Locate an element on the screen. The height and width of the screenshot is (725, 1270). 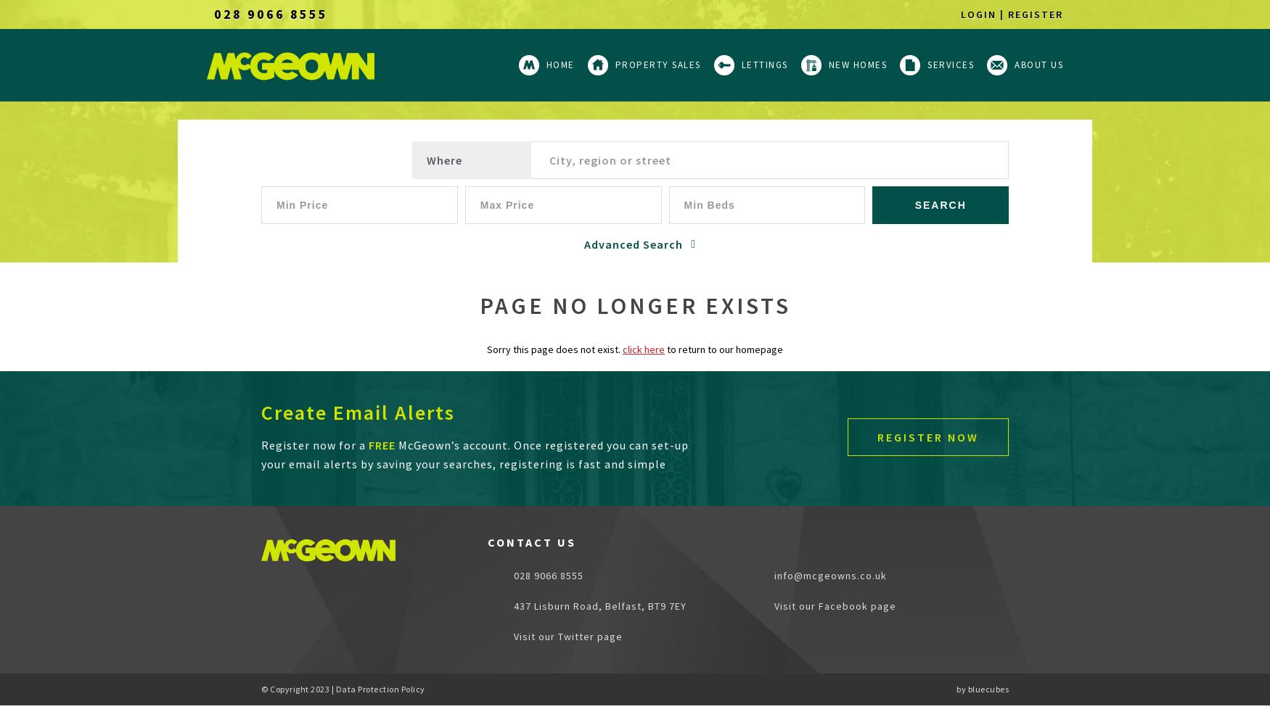
'FREE' is located at coordinates (381, 444).